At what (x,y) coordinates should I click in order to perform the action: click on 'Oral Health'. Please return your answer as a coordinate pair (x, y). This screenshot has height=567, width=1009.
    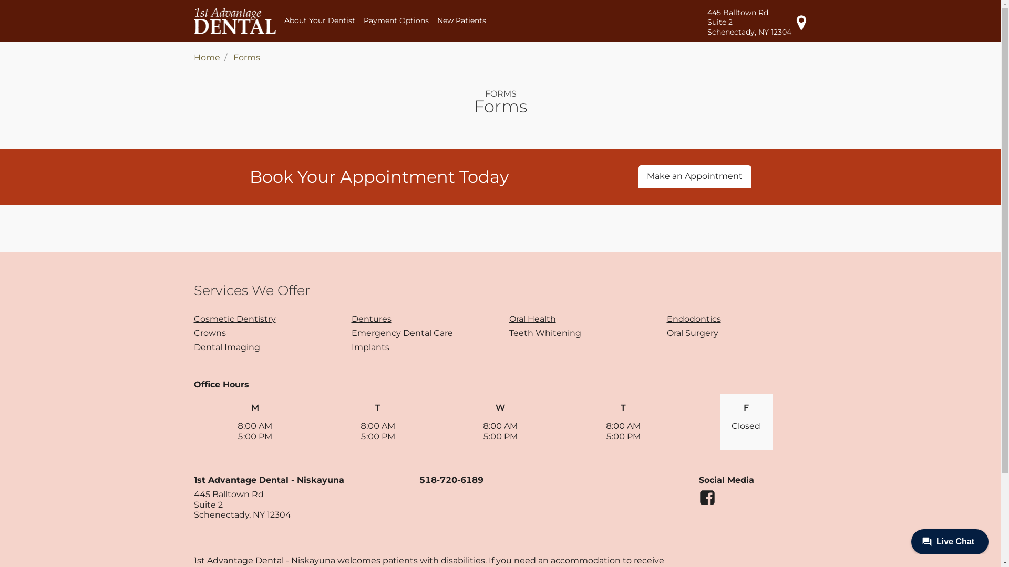
    Looking at the image, I should click on (532, 318).